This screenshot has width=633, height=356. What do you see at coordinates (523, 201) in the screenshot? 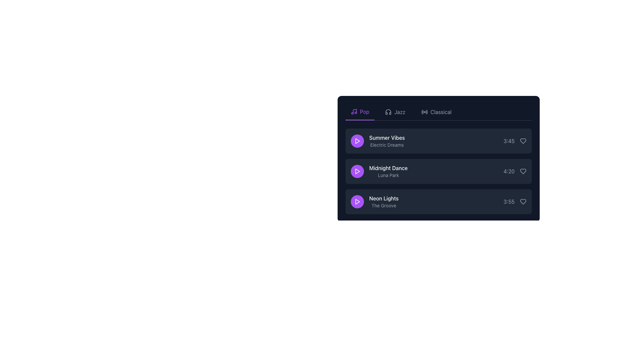
I see `the like button for the associated track, located in the bottommost row of the song track list` at bounding box center [523, 201].